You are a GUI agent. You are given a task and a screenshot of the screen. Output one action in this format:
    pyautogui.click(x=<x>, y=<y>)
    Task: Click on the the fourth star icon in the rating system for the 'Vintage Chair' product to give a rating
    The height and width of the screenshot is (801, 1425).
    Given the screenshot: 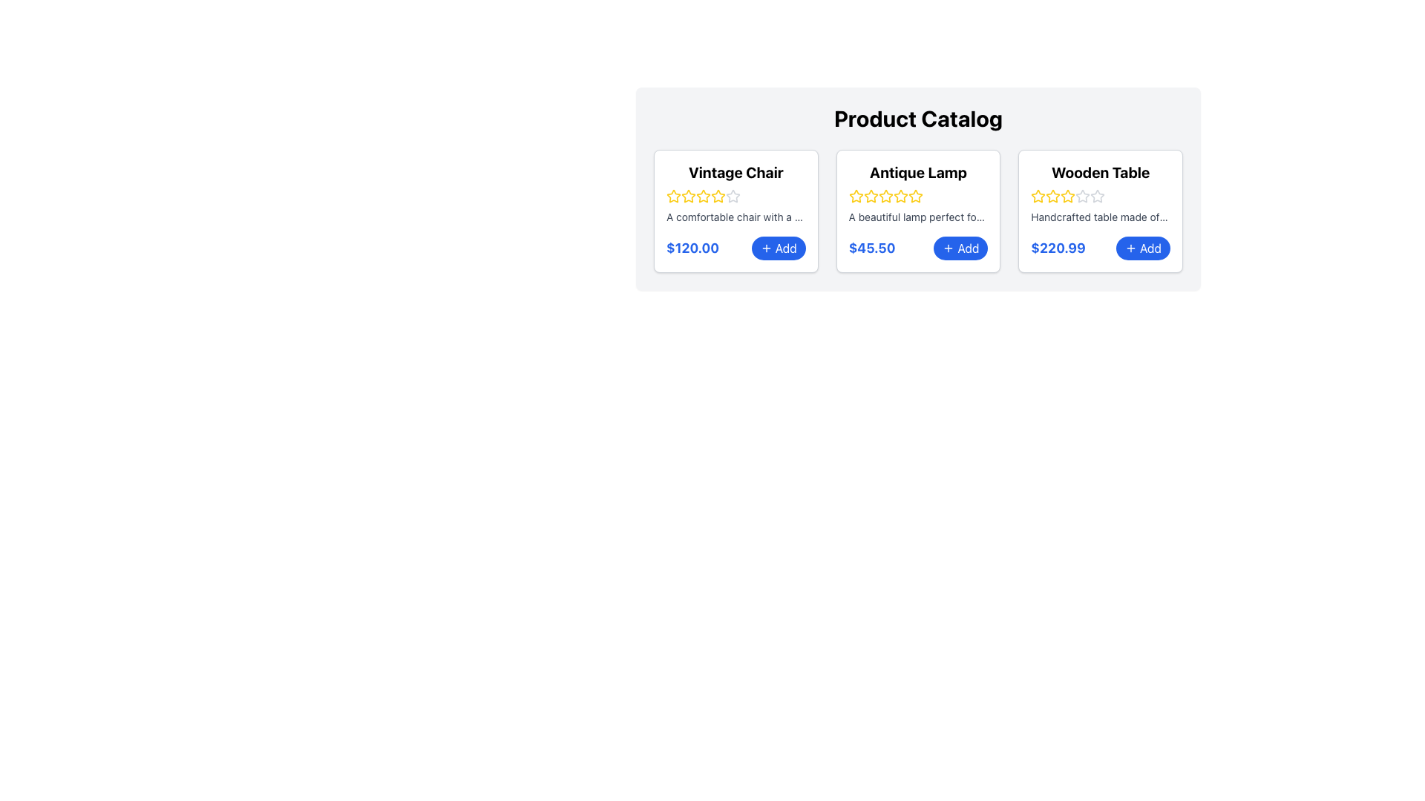 What is the action you would take?
    pyautogui.click(x=718, y=196)
    